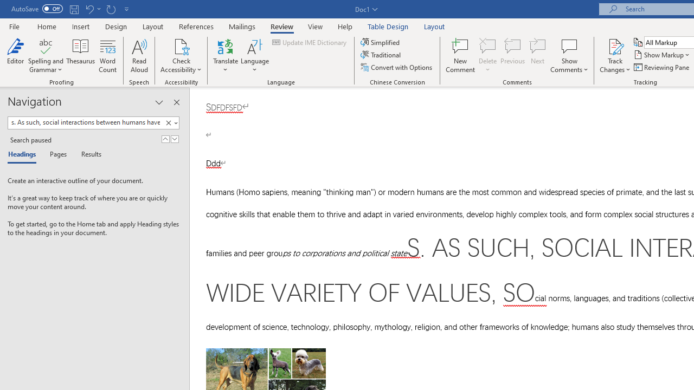  I want to click on 'Previous', so click(512, 56).